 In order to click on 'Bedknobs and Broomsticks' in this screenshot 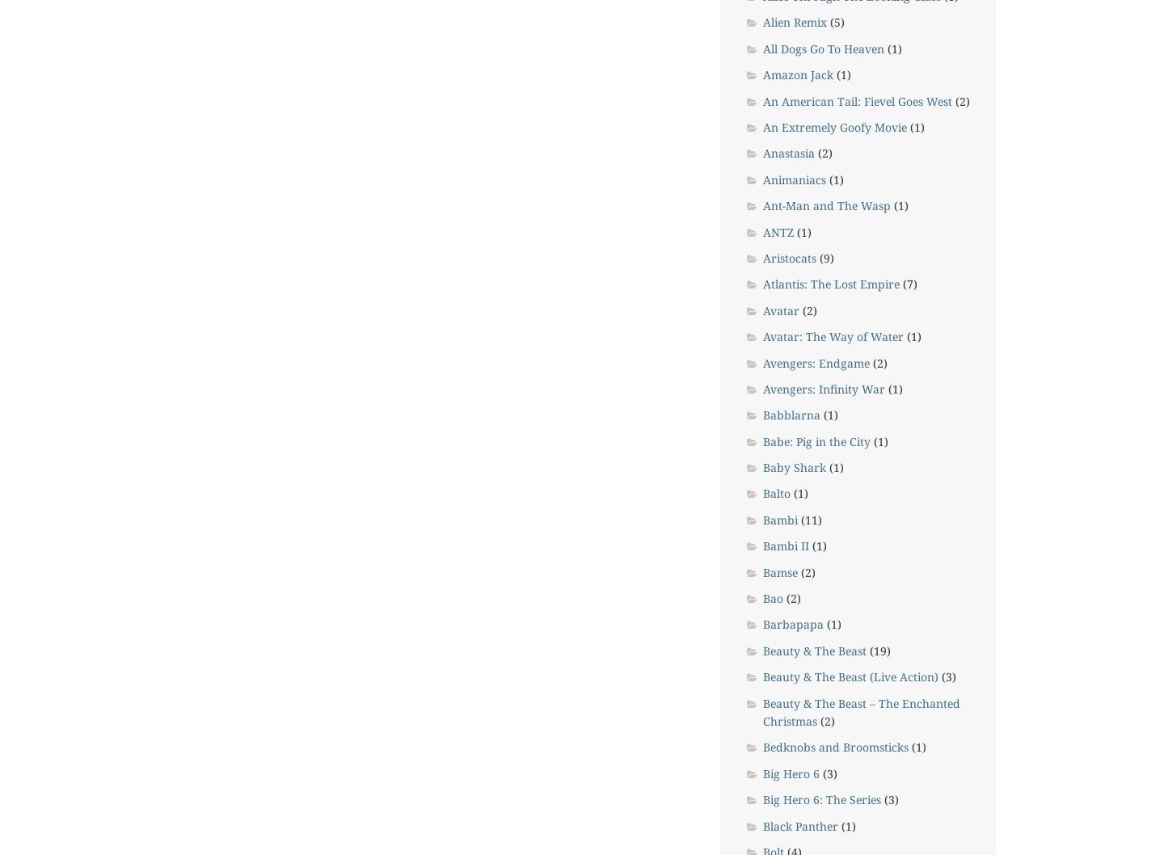, I will do `click(835, 747)`.